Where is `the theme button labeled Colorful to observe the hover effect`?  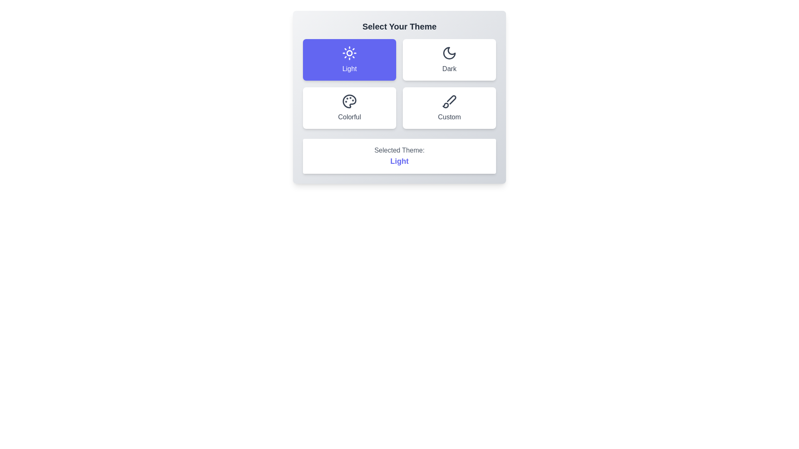 the theme button labeled Colorful to observe the hover effect is located at coordinates (350, 107).